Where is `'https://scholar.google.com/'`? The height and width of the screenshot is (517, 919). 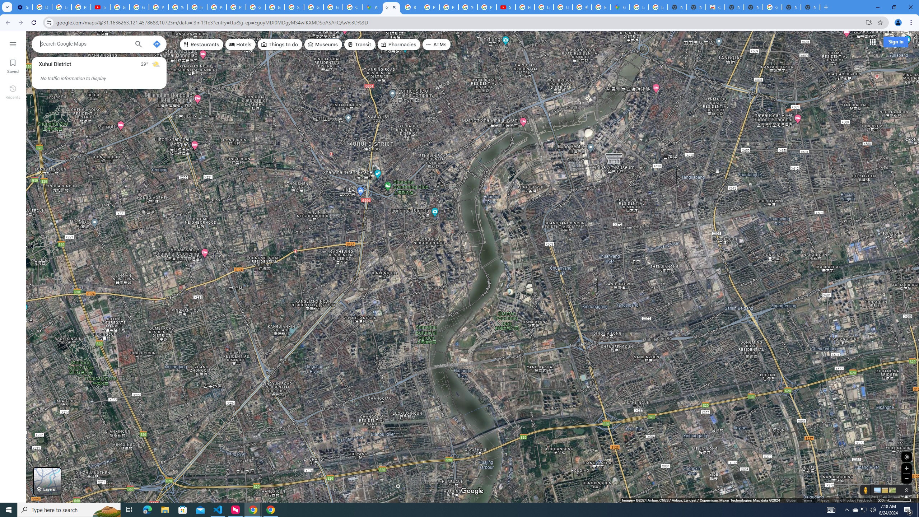 'https://scholar.google.com/' is located at coordinates (197, 7).